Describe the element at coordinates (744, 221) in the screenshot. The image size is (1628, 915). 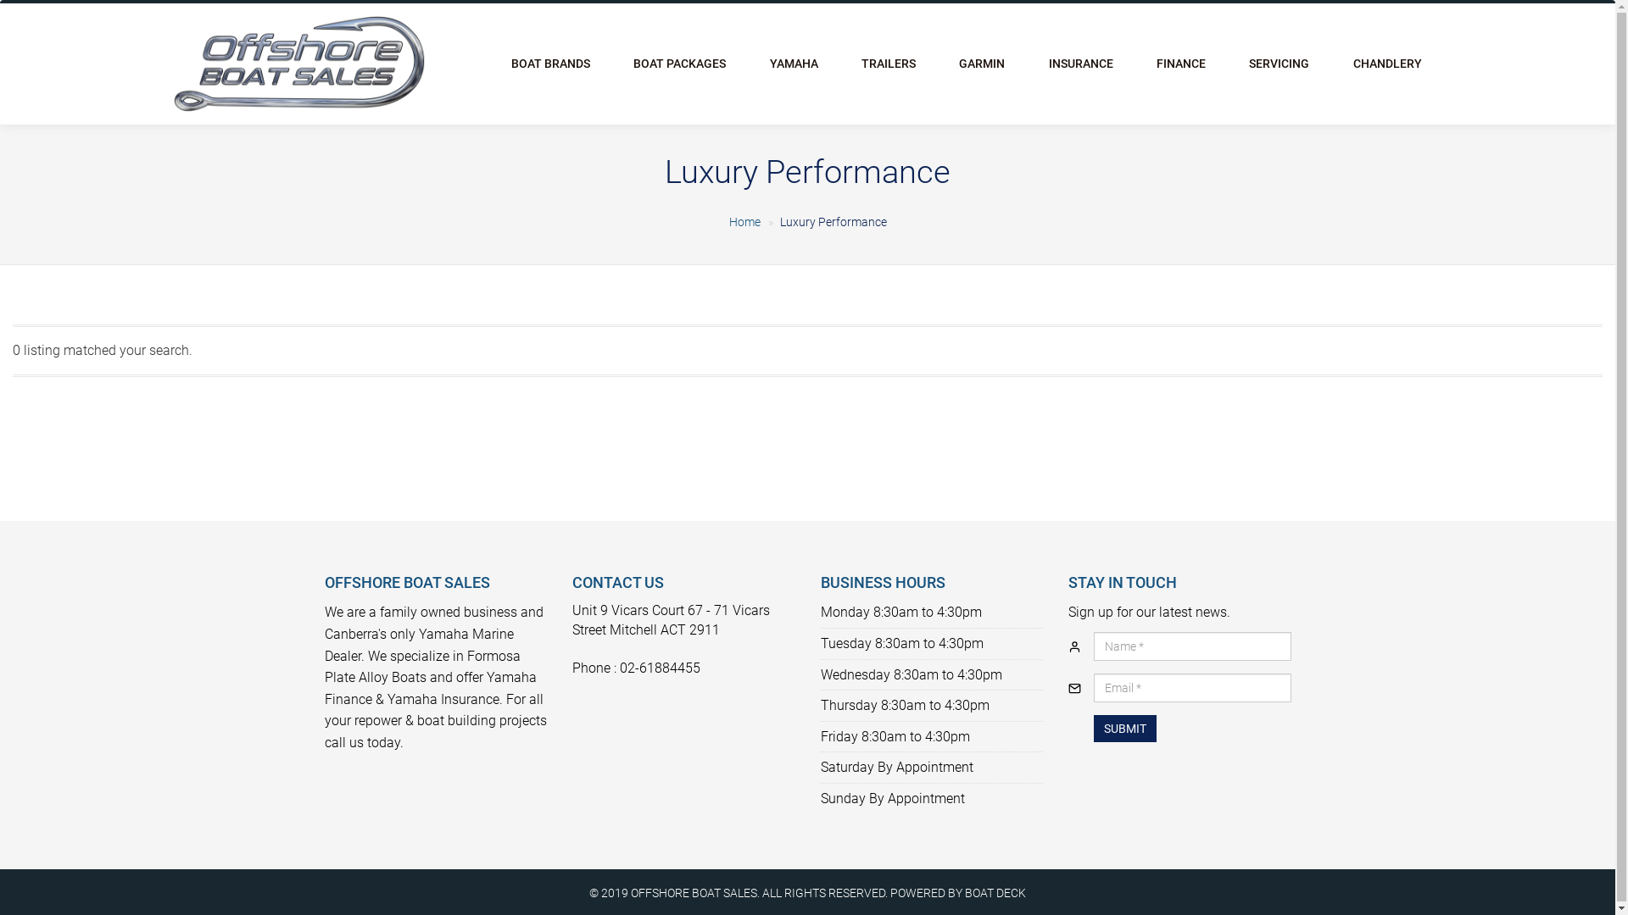
I see `'Home'` at that location.